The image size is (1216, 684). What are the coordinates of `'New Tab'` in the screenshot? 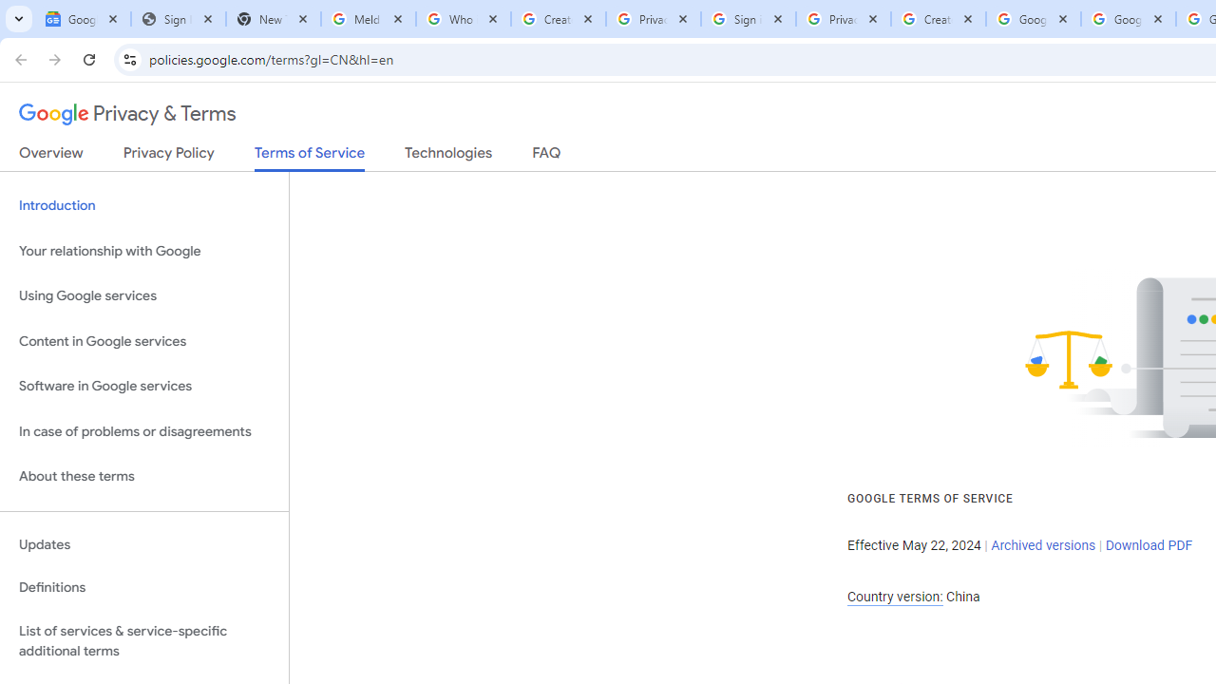 It's located at (273, 19).